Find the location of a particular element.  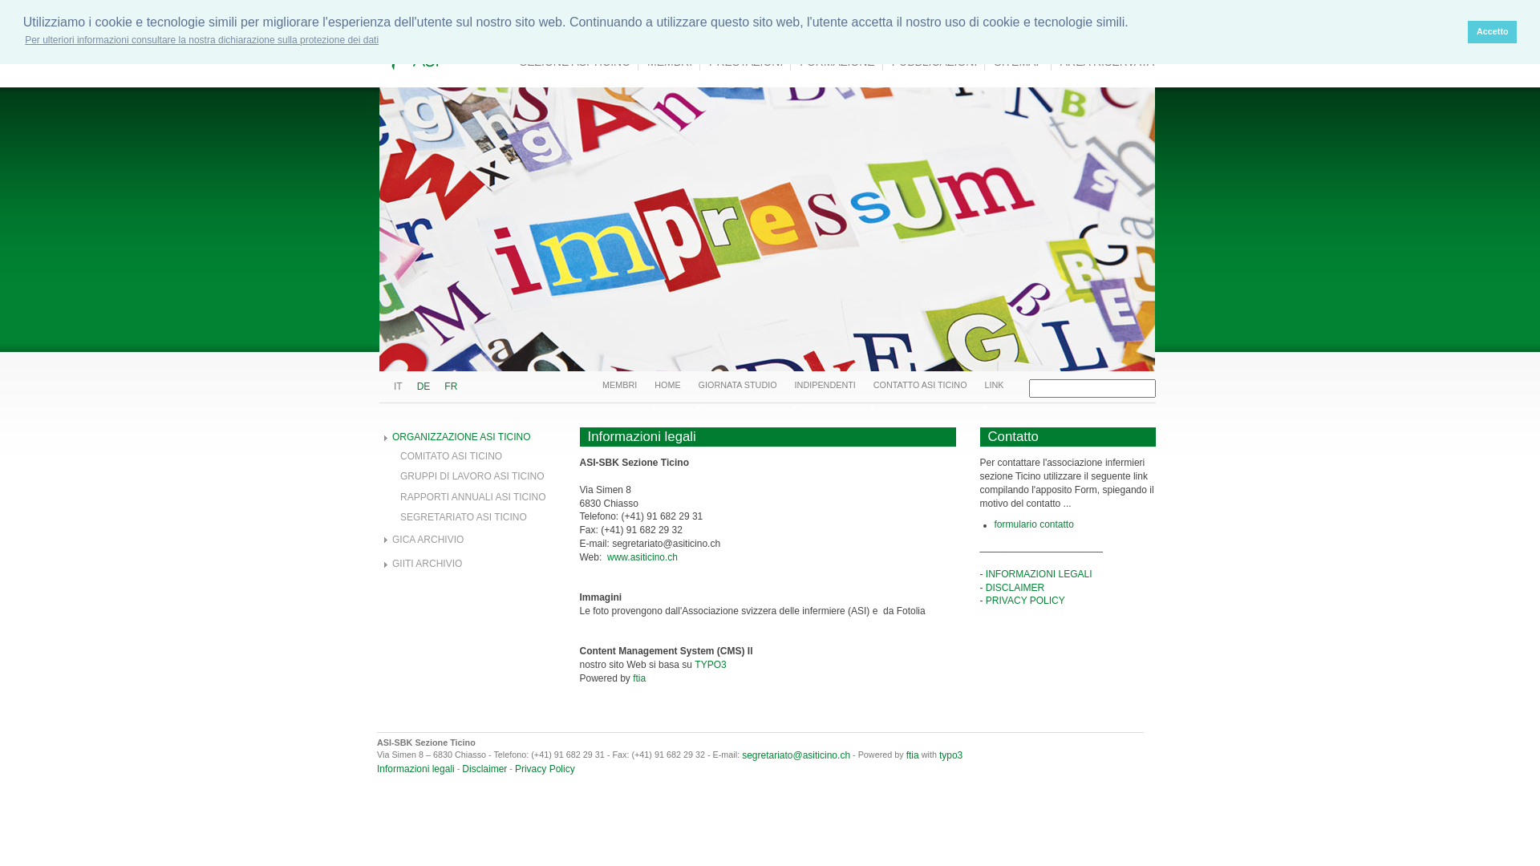

'ftia' is located at coordinates (912, 755).